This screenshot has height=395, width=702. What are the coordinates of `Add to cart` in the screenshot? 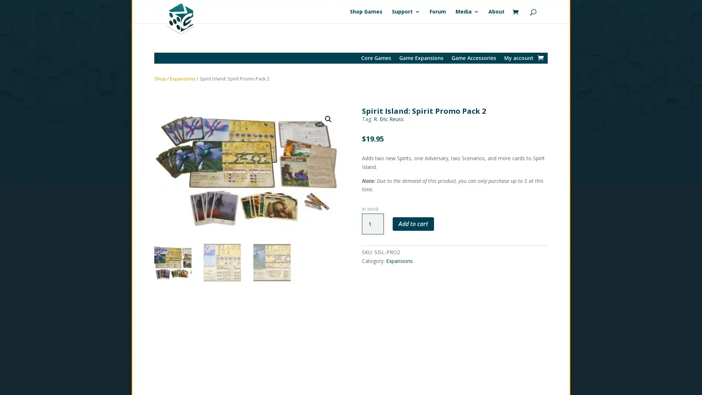 It's located at (413, 223).